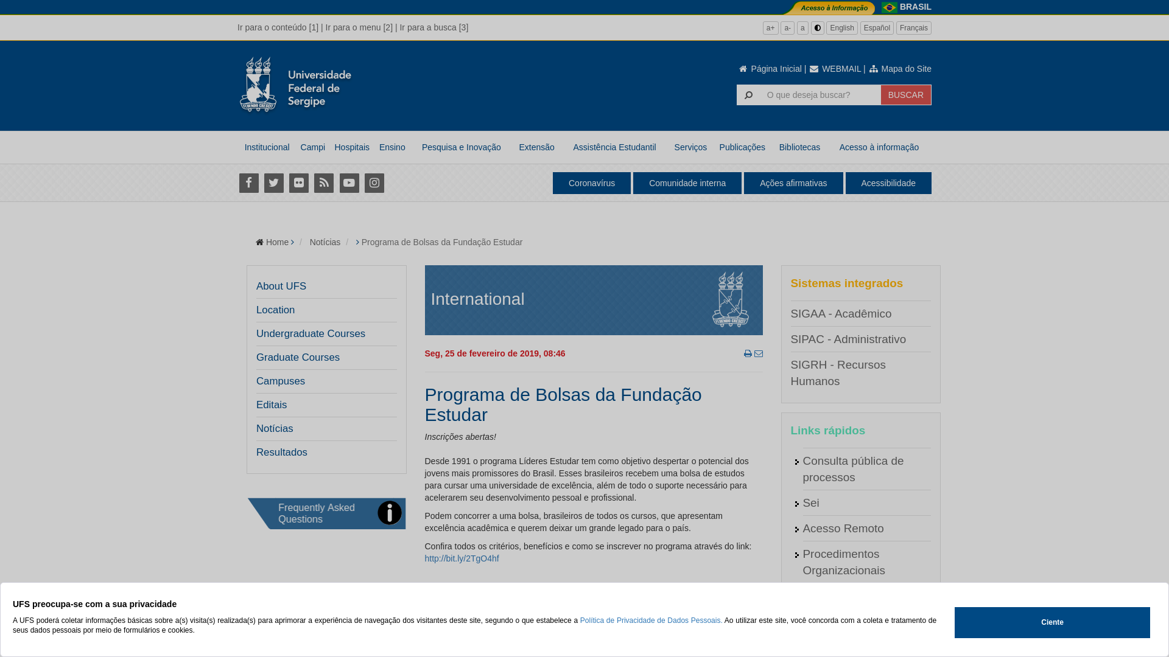 The width and height of the screenshot is (1169, 657). I want to click on 'http://bit.ly/2TgO4hf', so click(461, 558).